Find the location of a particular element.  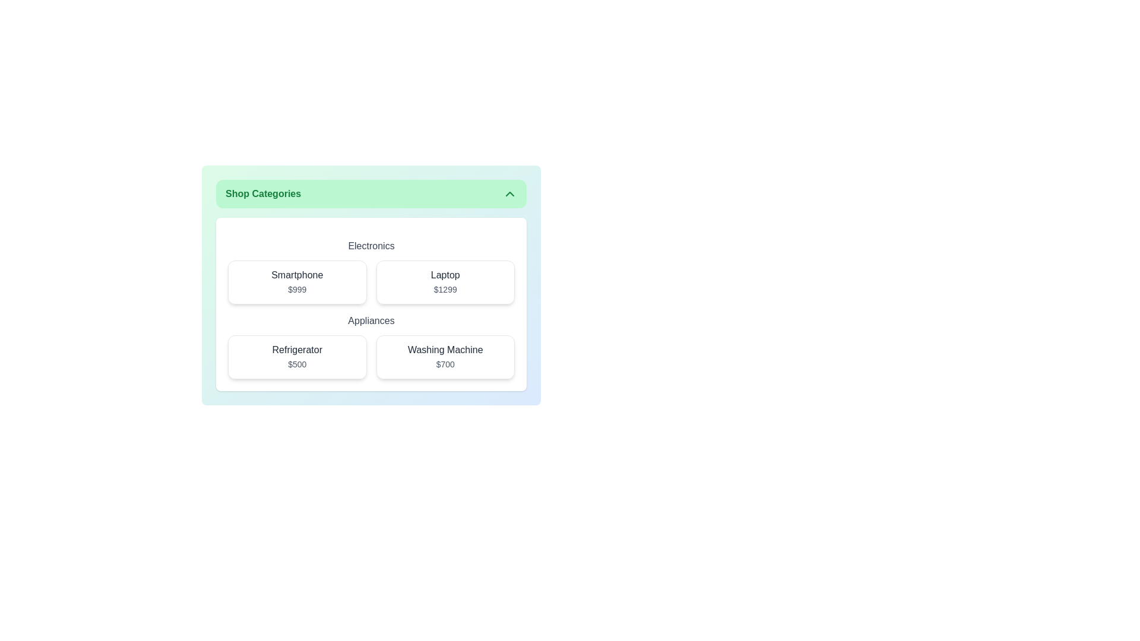

the first item card representing a refrigerator priced at $500 in the Appliances section is located at coordinates (297, 356).